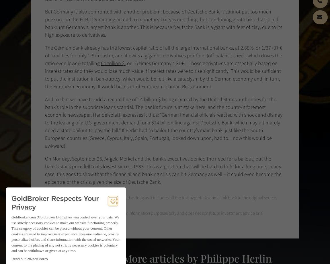 The image size is (330, 264). I want to click on ', expresses it thus: “German financial officials reacted with shock and dismay to the leaking of a U.S. government demand for a $14 billion fine against Deutsche Bank, which may ultimately need a state bailout to pay the bill.” If Berlin had to bailout the country’s main bank, just like the South European countries (Greece, Cyprus, Italy, Spain, Portugal), looked down upon, had to... now this would be awkward!', so click(163, 130).